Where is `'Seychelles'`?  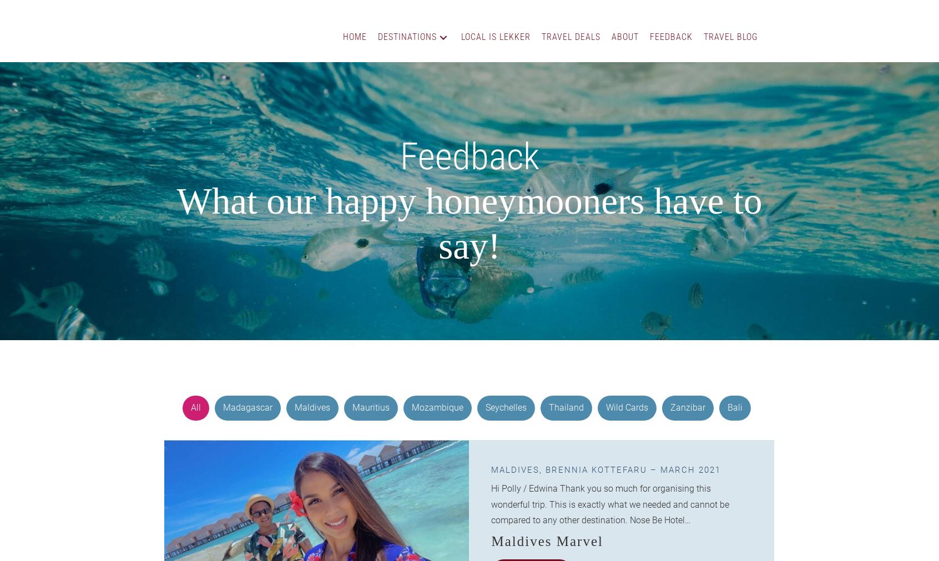
'Seychelles' is located at coordinates (505, 407).